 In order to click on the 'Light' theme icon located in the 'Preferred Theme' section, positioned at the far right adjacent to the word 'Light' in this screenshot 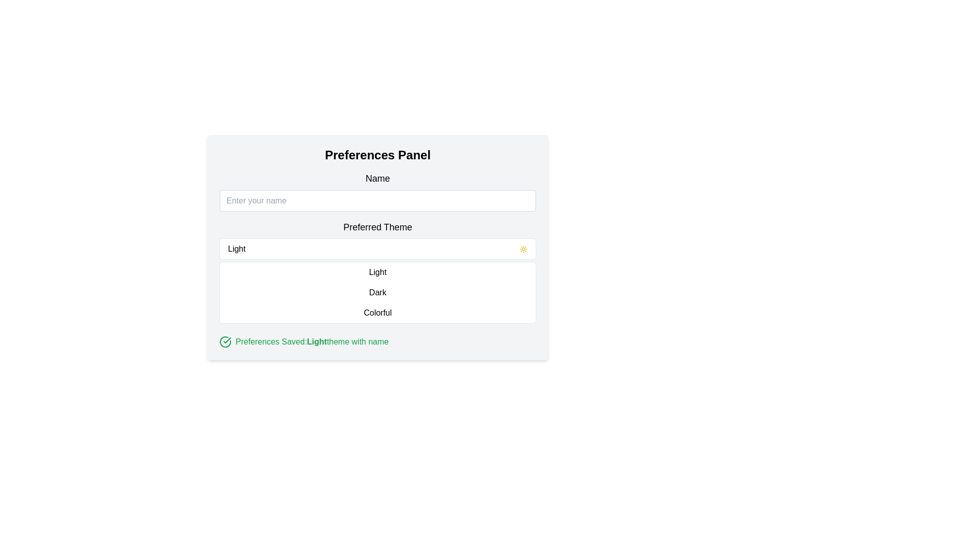, I will do `click(524, 249)`.